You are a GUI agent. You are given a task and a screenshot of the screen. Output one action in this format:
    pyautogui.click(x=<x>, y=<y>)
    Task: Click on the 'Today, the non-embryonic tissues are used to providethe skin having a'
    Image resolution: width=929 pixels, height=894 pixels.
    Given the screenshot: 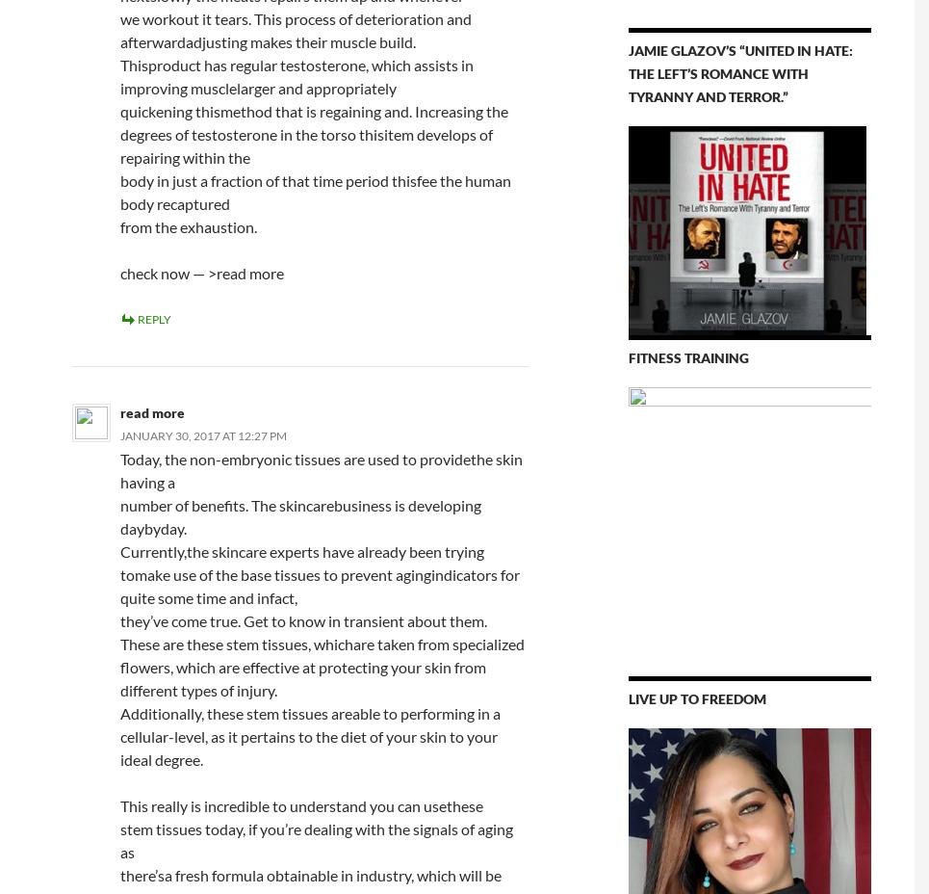 What is the action you would take?
    pyautogui.click(x=119, y=469)
    